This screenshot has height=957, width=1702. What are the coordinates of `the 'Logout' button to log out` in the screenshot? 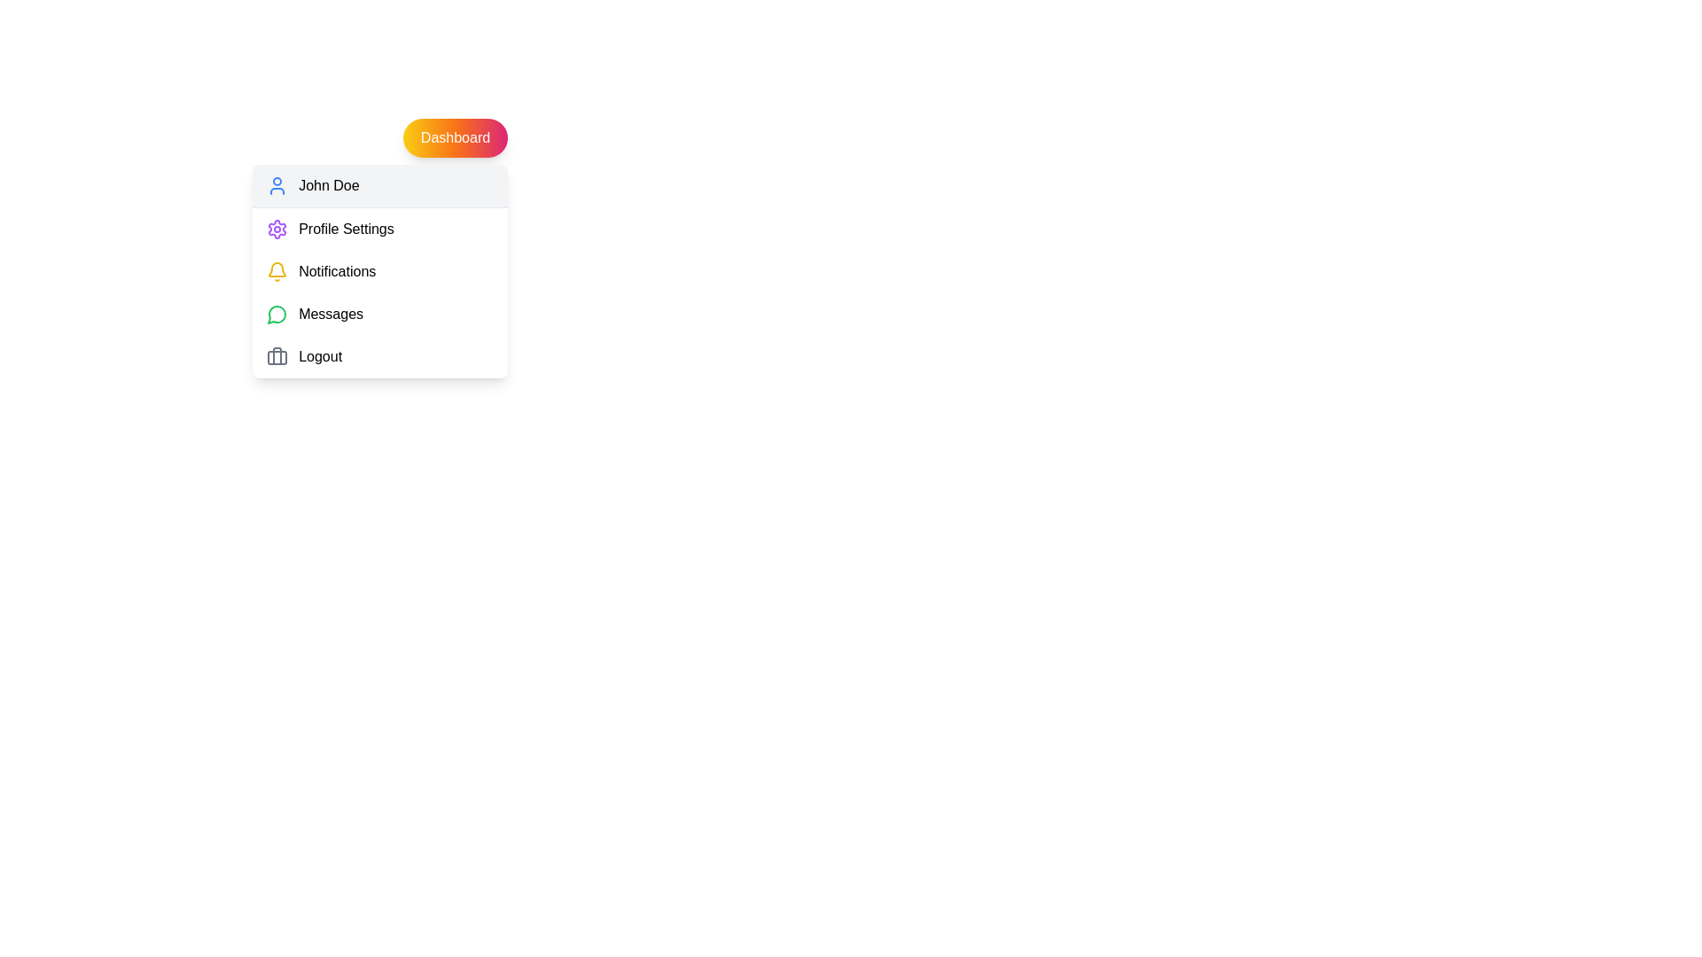 It's located at (379, 356).